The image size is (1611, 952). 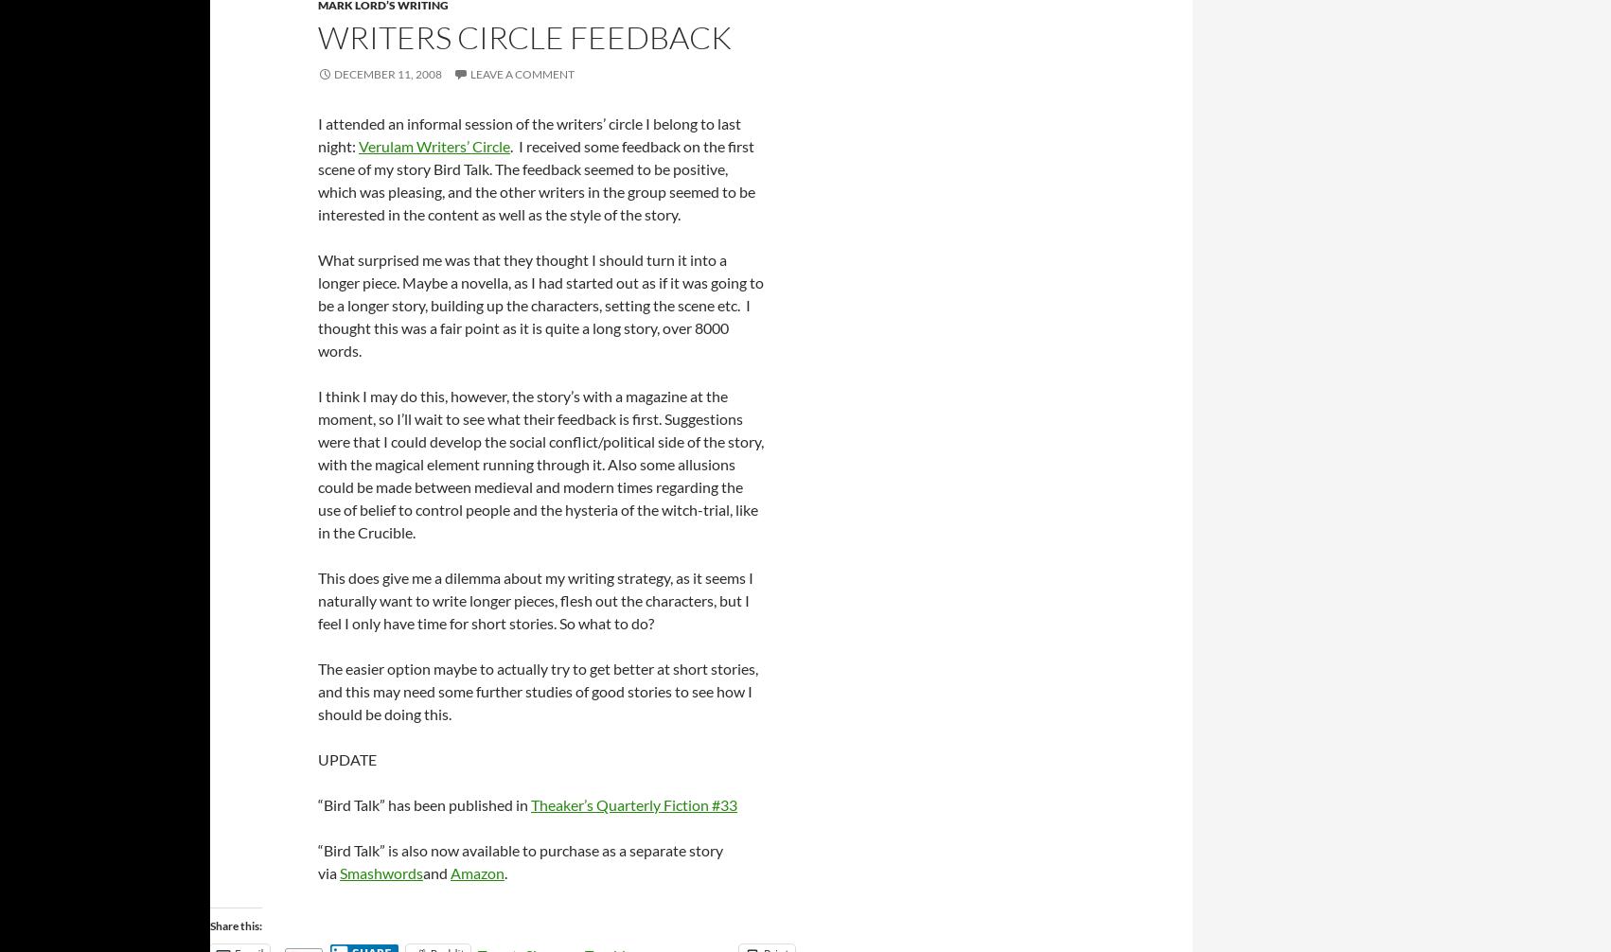 I want to click on 'December 11, 2008', so click(x=333, y=73).